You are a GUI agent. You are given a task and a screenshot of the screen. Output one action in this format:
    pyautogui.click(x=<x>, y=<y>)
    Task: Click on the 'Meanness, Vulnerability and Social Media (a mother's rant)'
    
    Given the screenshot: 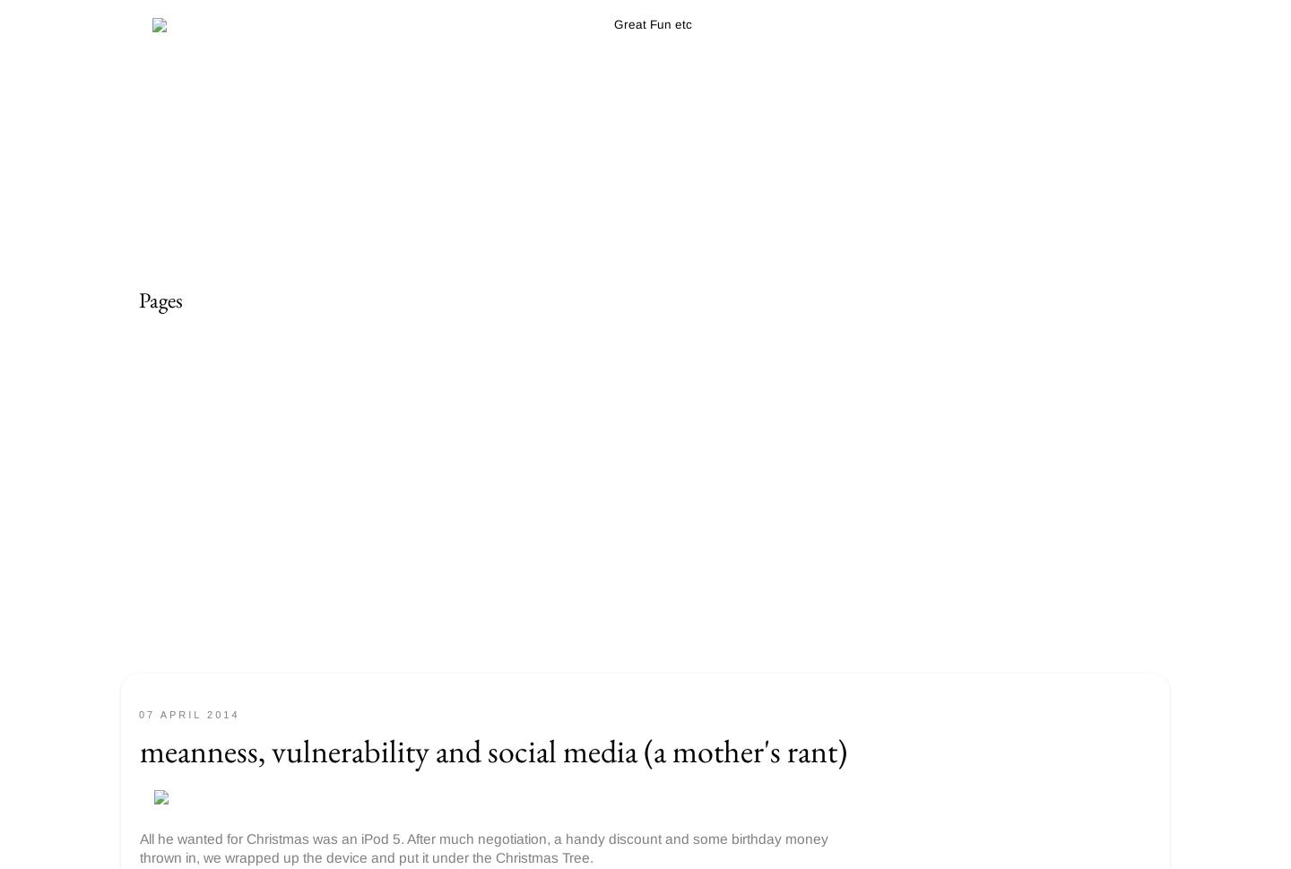 What is the action you would take?
    pyautogui.click(x=493, y=751)
    